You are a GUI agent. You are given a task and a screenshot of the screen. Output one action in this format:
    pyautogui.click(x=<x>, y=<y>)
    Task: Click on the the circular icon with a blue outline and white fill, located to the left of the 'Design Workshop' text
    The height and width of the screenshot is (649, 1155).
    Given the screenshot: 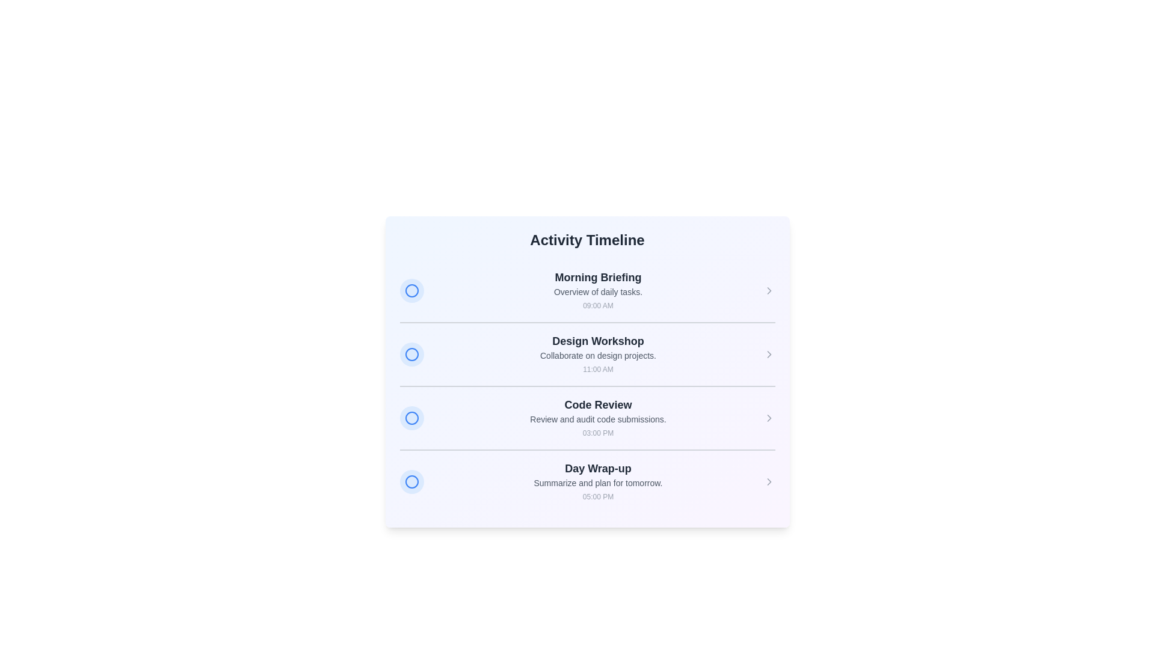 What is the action you would take?
    pyautogui.click(x=411, y=354)
    